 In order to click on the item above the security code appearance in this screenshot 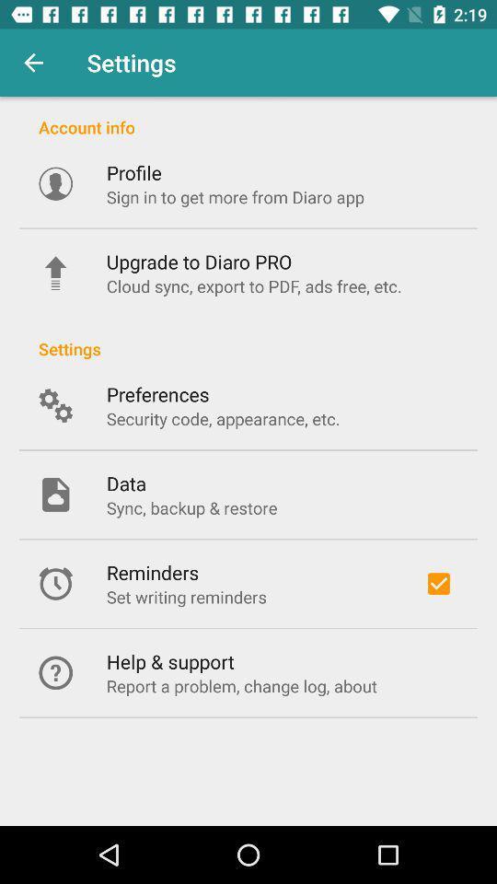, I will do `click(157, 394)`.